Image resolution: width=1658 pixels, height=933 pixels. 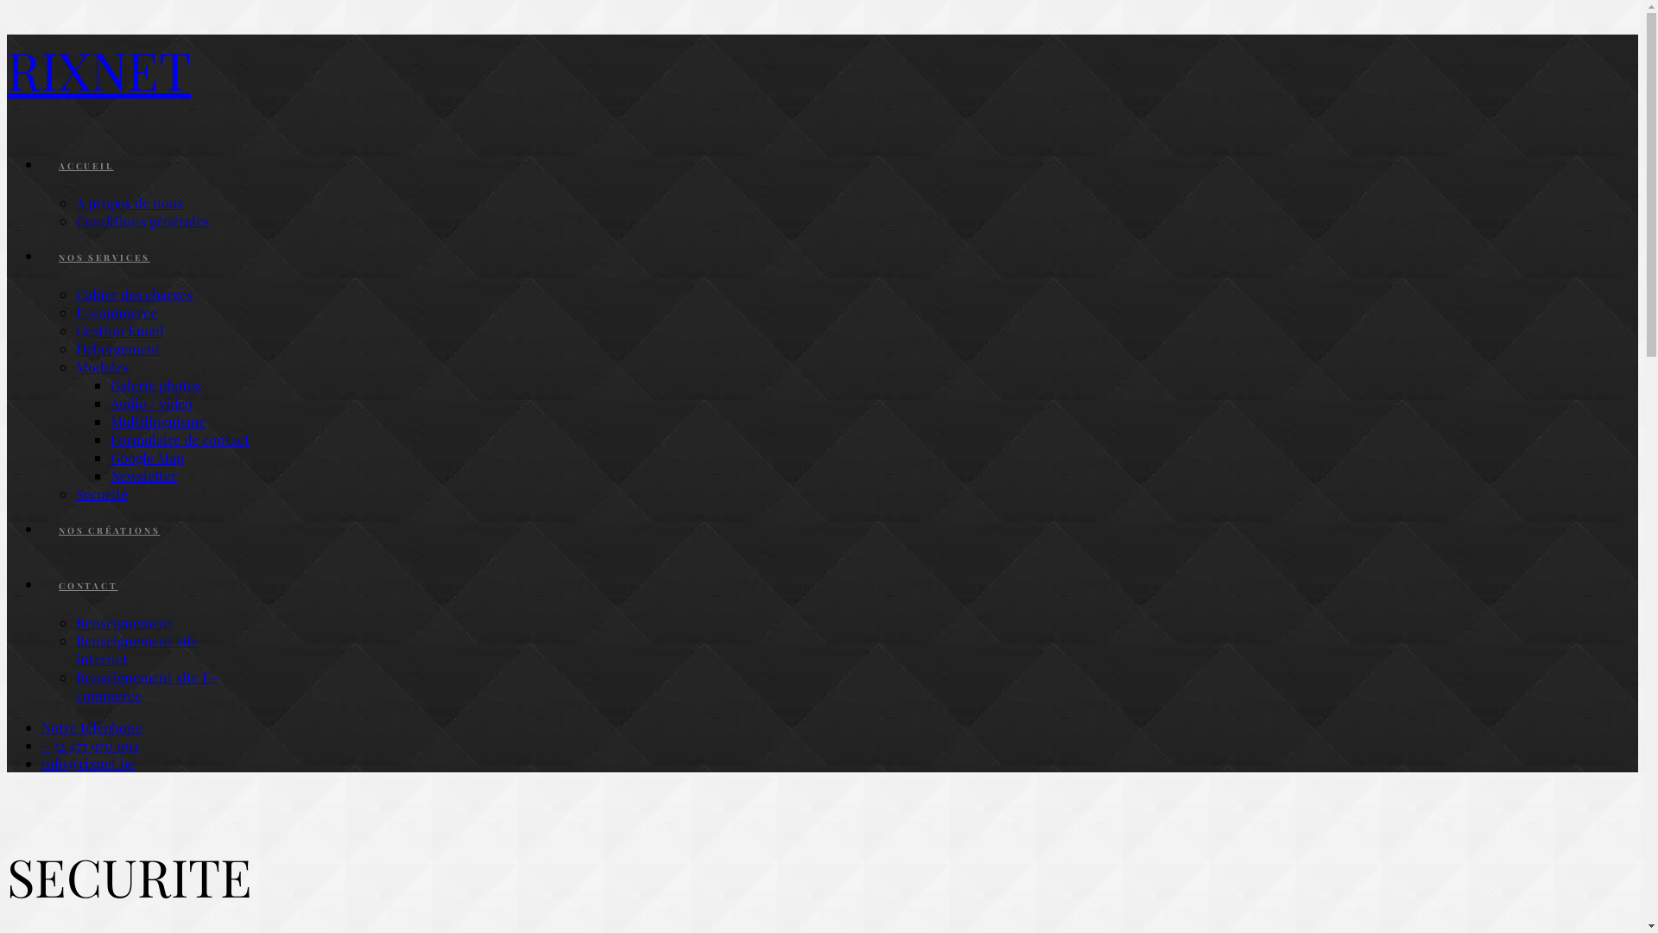 What do you see at coordinates (89, 744) in the screenshot?
I see `'+ 32 477 970 094'` at bounding box center [89, 744].